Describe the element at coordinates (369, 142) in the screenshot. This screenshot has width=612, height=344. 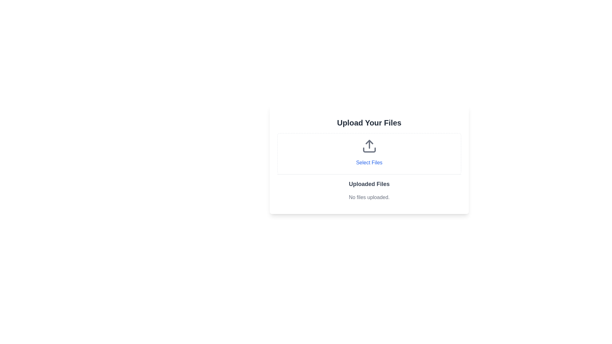
I see `the upward arrow part of the upload icon within the SVG graphic component located near the center of the 'Upload Your Files' dialog box` at that location.